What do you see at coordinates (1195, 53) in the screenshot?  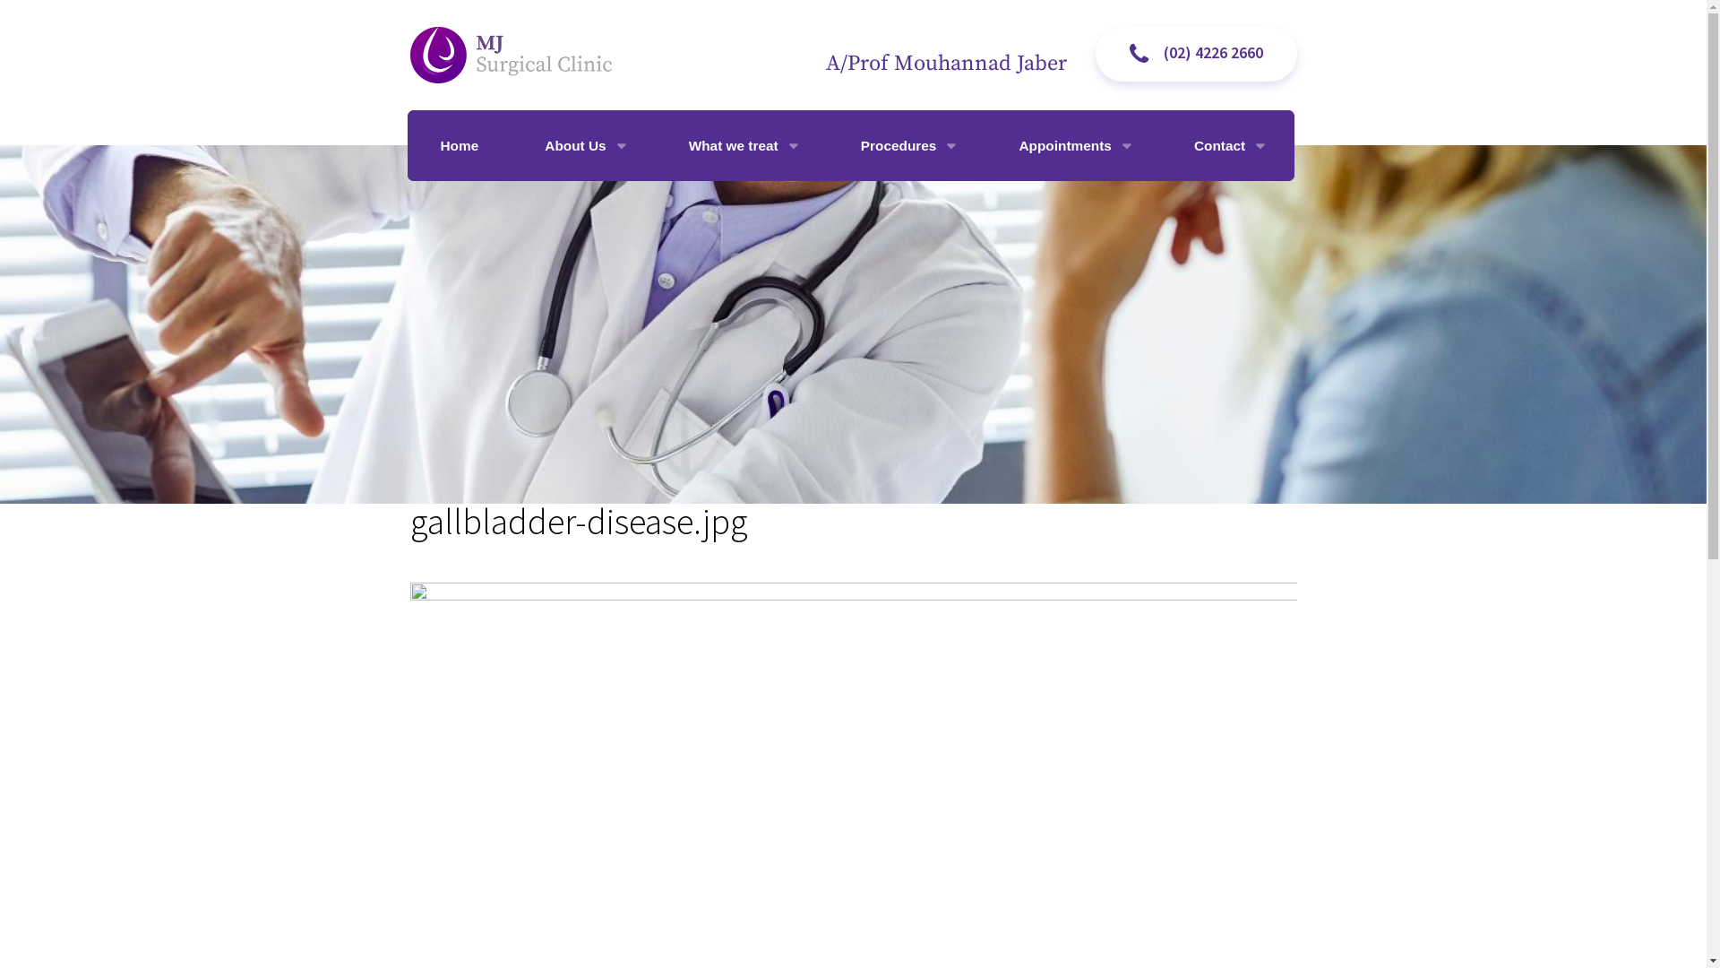 I see `'(02) 4226 2660'` at bounding box center [1195, 53].